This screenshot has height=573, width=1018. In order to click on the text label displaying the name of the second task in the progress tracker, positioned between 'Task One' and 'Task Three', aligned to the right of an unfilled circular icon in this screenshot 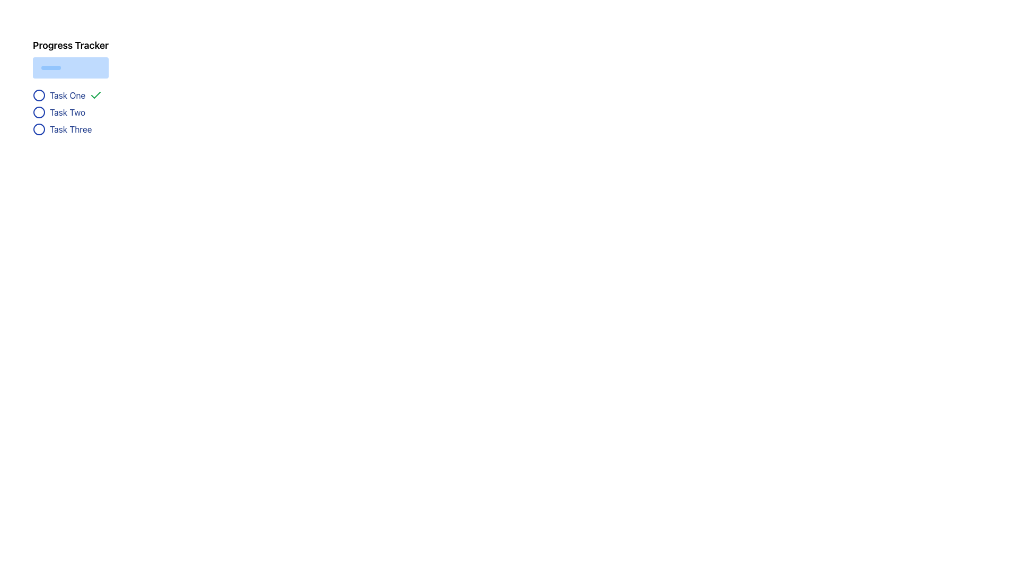, I will do `click(67, 112)`.